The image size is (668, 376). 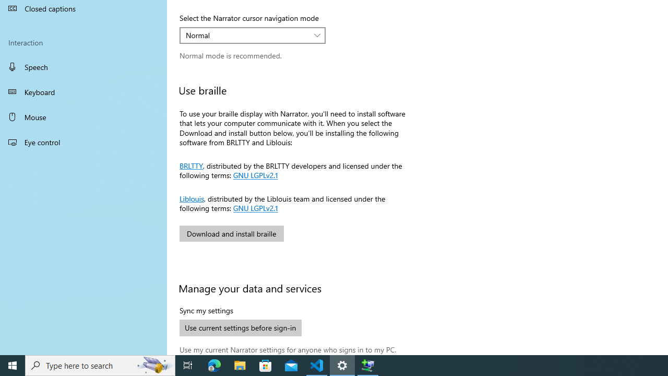 What do you see at coordinates (246, 34) in the screenshot?
I see `'Normal'` at bounding box center [246, 34].